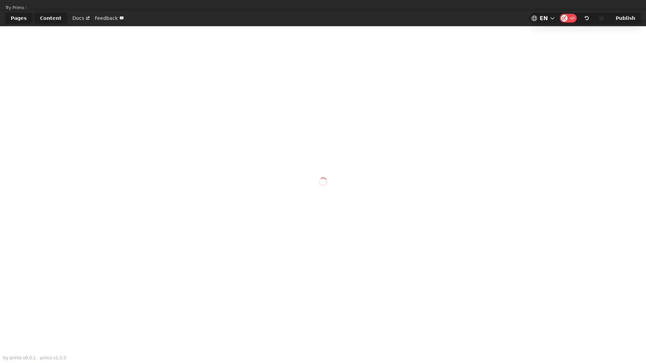  Describe the element at coordinates (602, 18) in the screenshot. I see `Save` at that location.